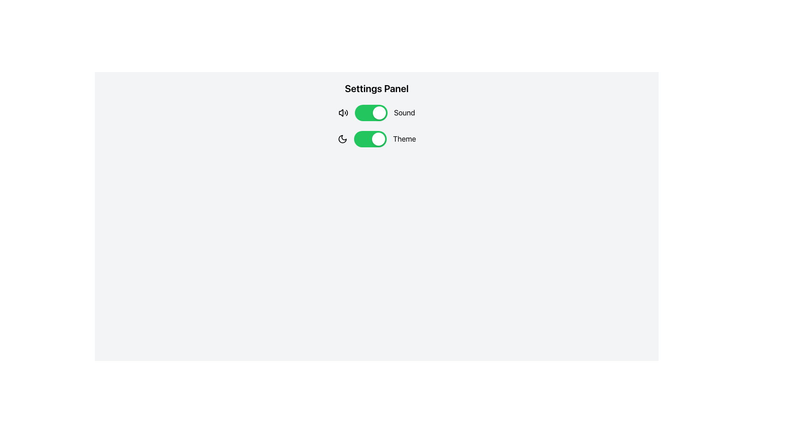 This screenshot has width=785, height=442. I want to click on the crescent moon shaped icon in the bottom row of the 'Settings Panel', located next to the label 'Theme', so click(342, 138).